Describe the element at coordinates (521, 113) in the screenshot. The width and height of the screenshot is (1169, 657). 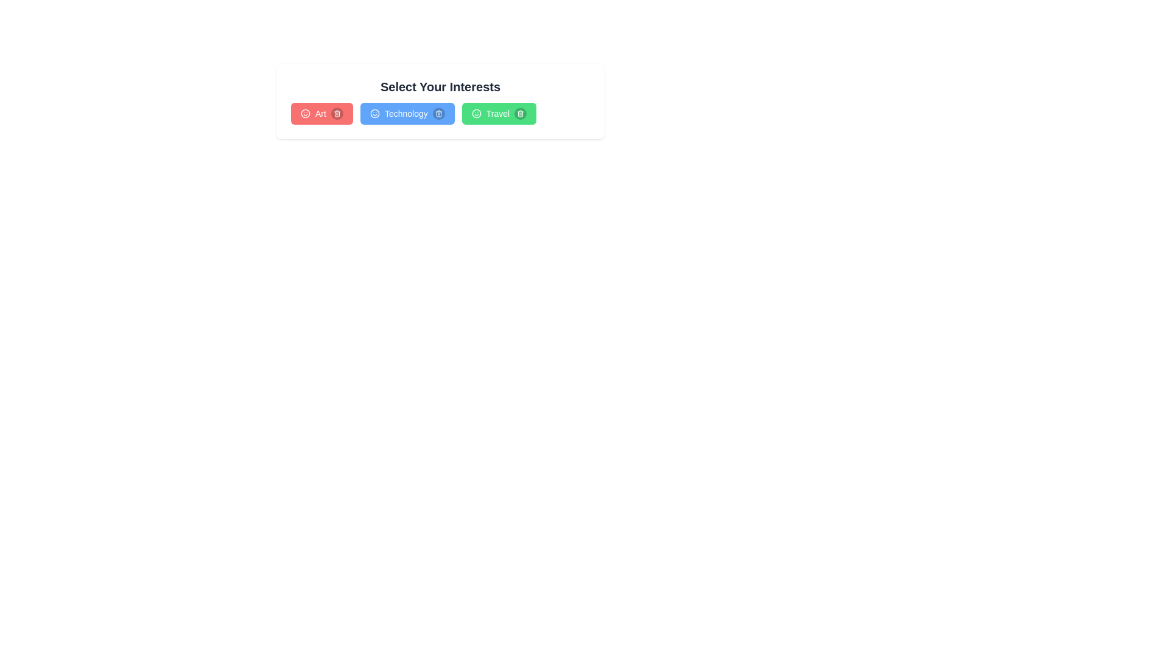
I see `the trash icon next to the interest labeled Travel` at that location.